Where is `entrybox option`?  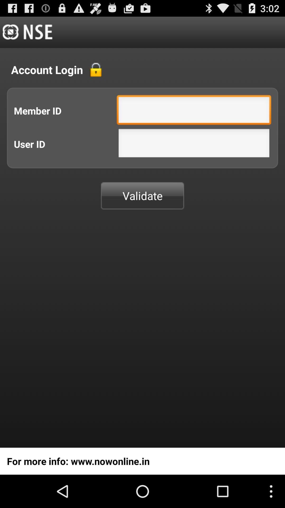 entrybox option is located at coordinates (194, 111).